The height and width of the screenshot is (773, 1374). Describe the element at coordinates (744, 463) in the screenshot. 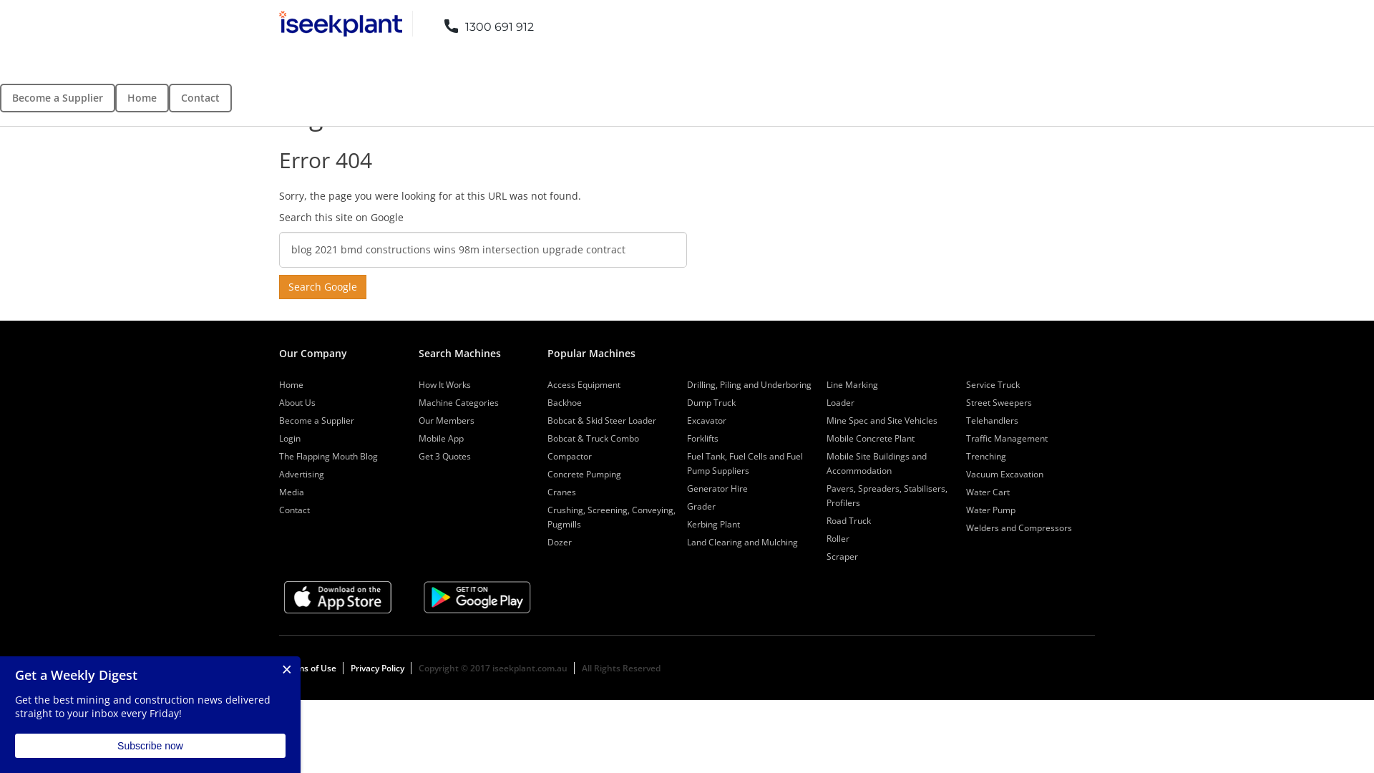

I see `'Fuel Tank, Fuel Cells and Fuel Pump Suppliers'` at that location.